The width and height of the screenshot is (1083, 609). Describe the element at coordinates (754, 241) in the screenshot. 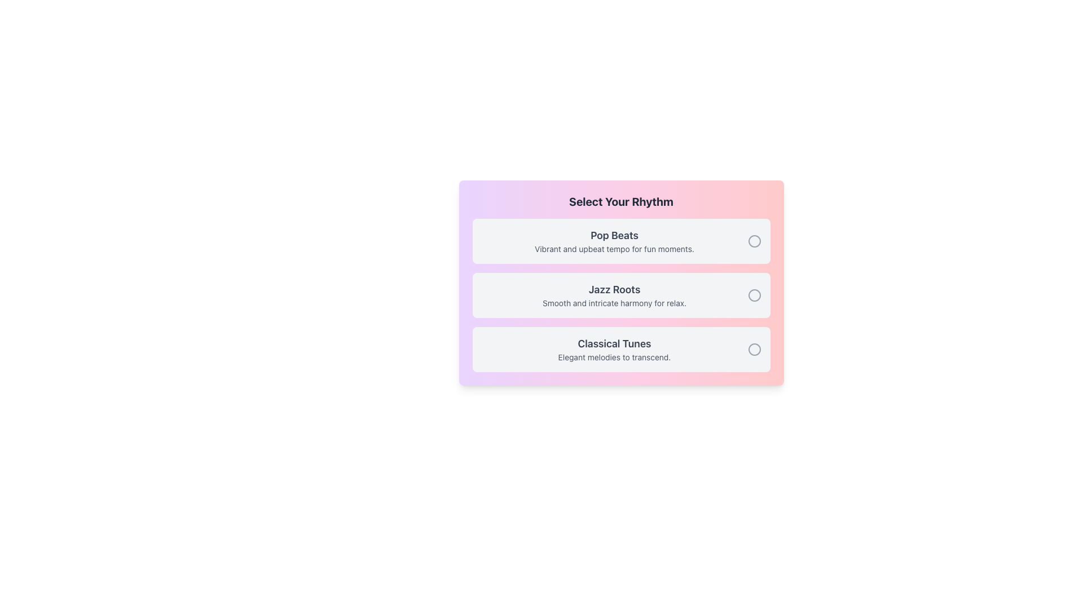

I see `the circular radio button located to the far right of the 'Pop Beats' section` at that location.